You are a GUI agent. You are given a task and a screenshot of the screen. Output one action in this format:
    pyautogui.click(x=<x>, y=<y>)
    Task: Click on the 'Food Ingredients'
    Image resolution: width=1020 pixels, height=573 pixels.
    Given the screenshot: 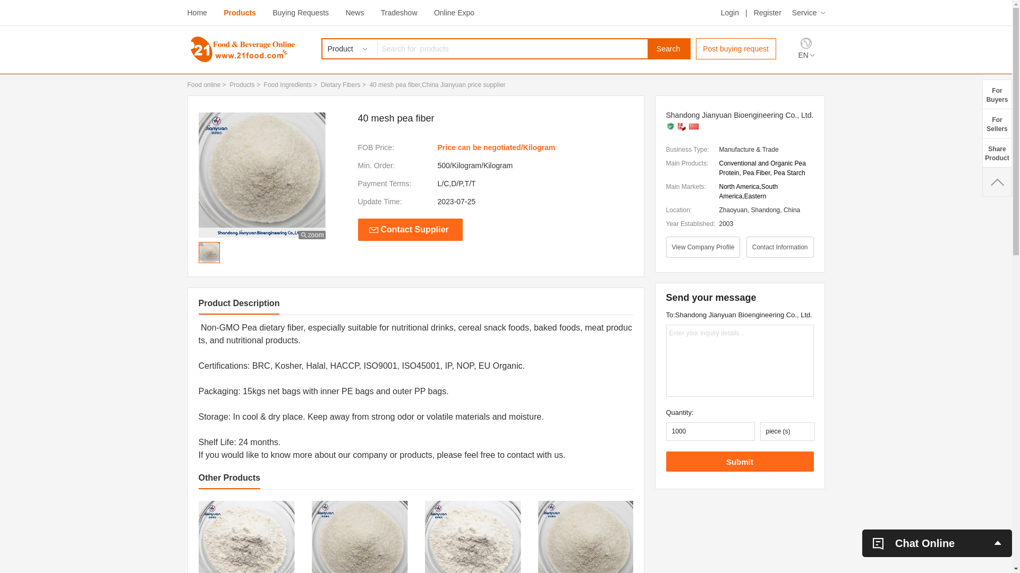 What is the action you would take?
    pyautogui.click(x=264, y=84)
    